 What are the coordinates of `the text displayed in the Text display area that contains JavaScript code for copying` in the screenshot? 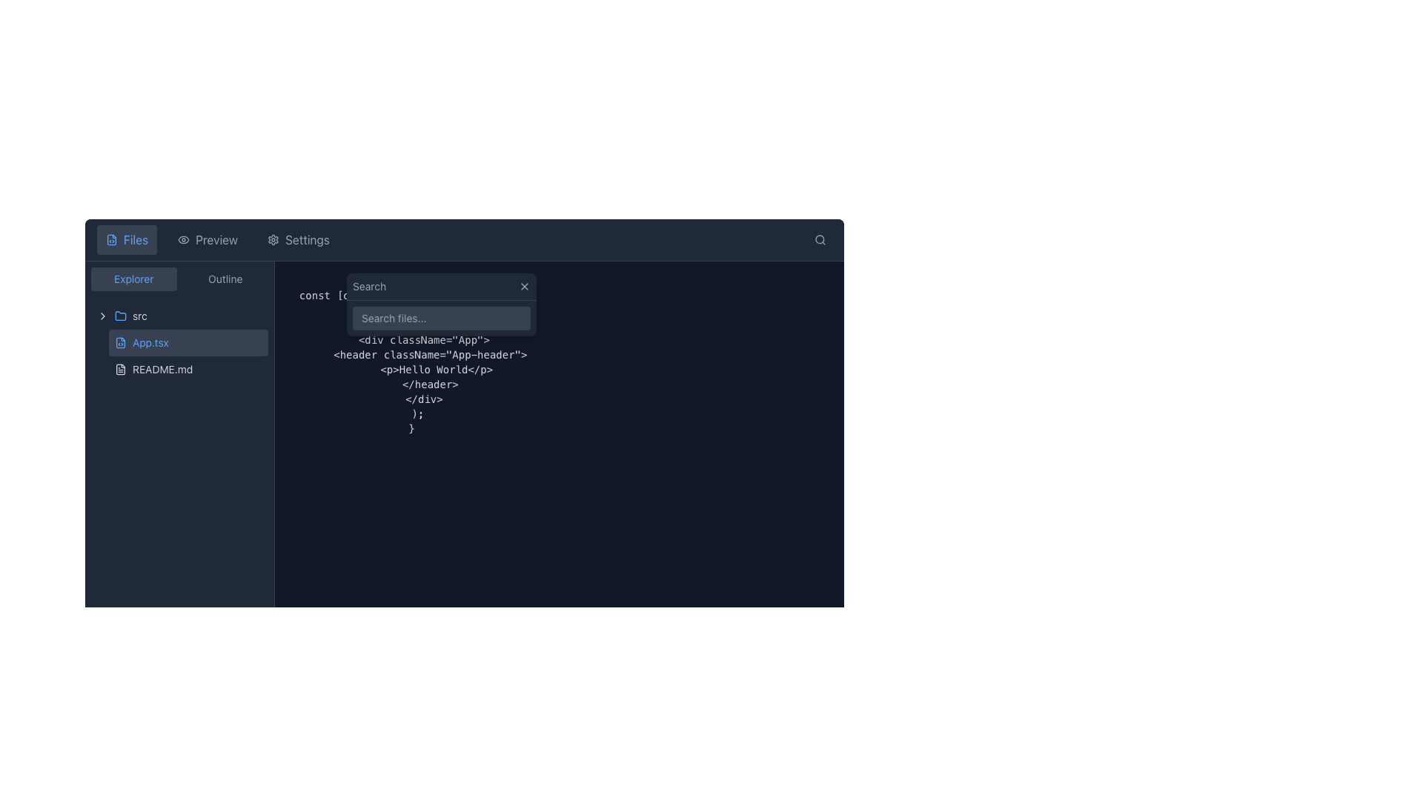 It's located at (411, 354).